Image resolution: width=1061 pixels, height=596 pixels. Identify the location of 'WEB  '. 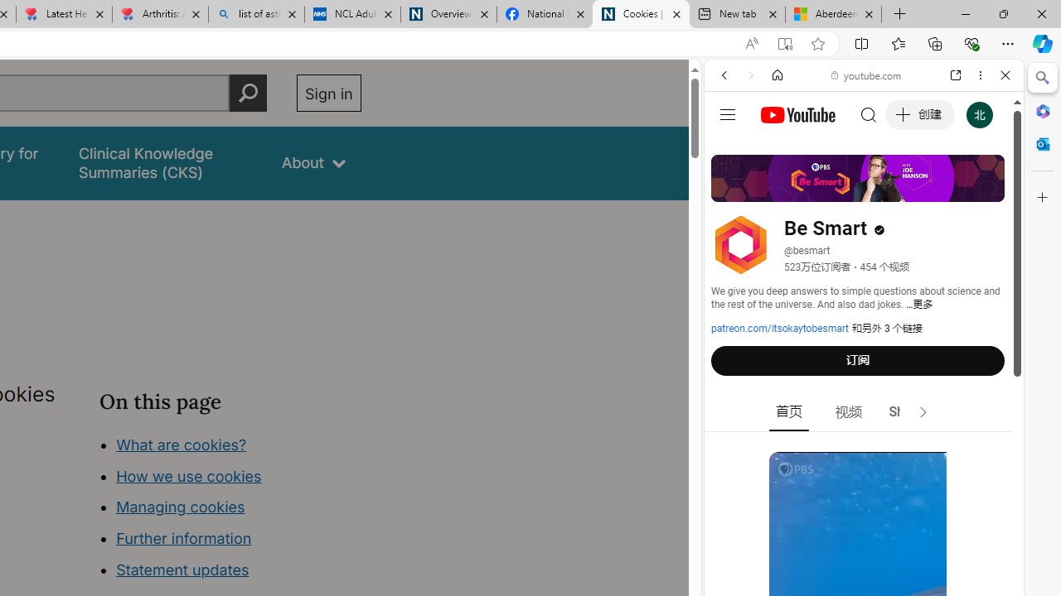
(730, 188).